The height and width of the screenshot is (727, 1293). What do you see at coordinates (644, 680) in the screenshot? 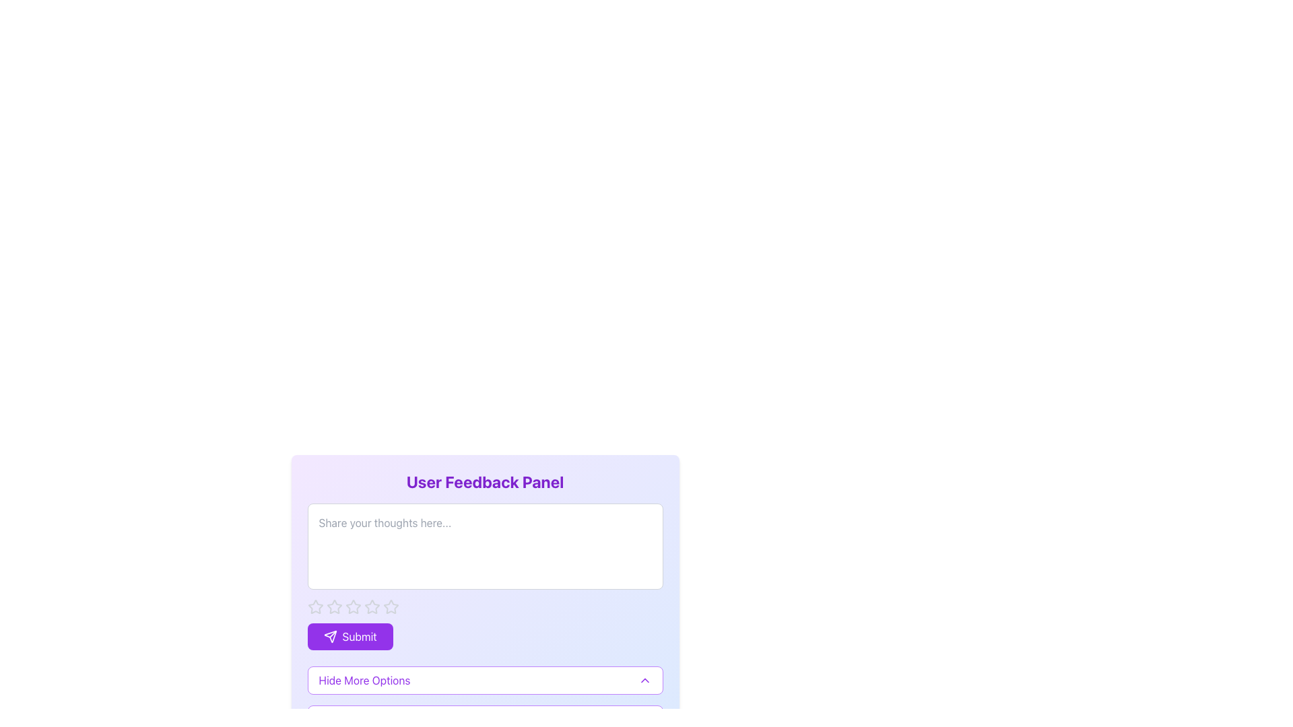
I see `the upward-facing chevron icon located at the far right end of the 'Hide More Options' button at the bottom of the visible panel` at bounding box center [644, 680].